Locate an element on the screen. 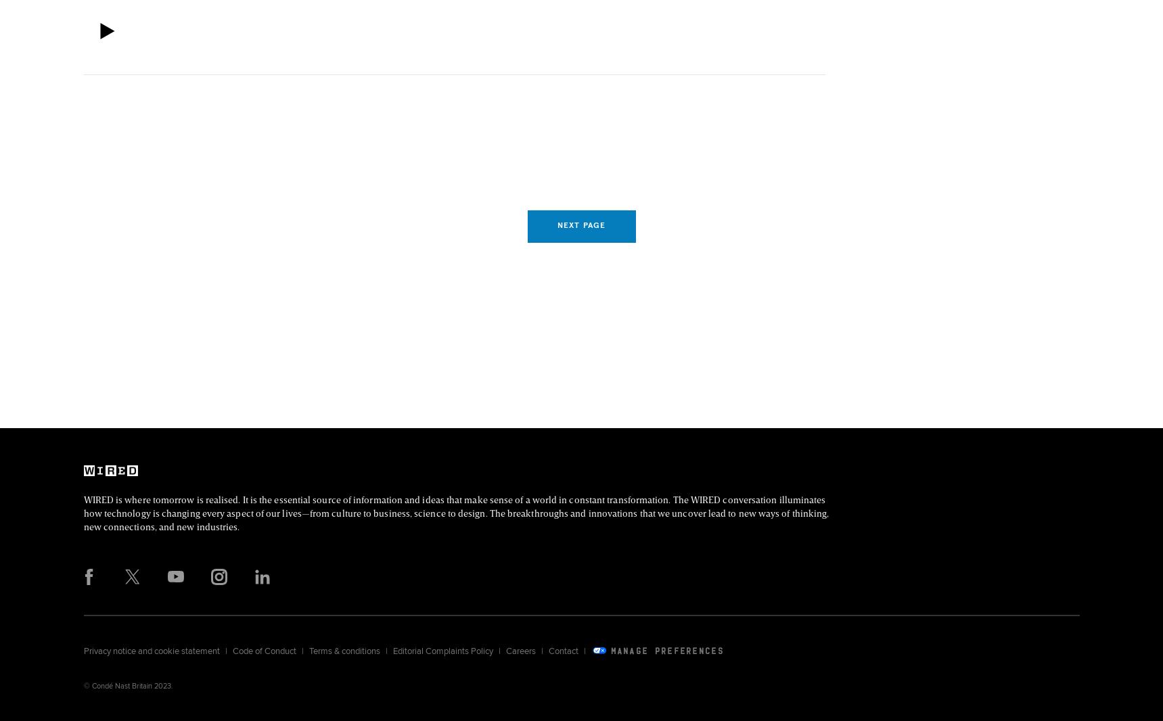  'WIRED is where tomorrow is realised. It is the essential source of information and ideas that make sense of a world in constant transformation. The WIRED conversation illuminates how technology is changing every aspect of our lives—from culture to business, science to design. The breakthroughs and innovations that we uncover lead to new ways of thinking, new connections, and new industries.' is located at coordinates (455, 511).